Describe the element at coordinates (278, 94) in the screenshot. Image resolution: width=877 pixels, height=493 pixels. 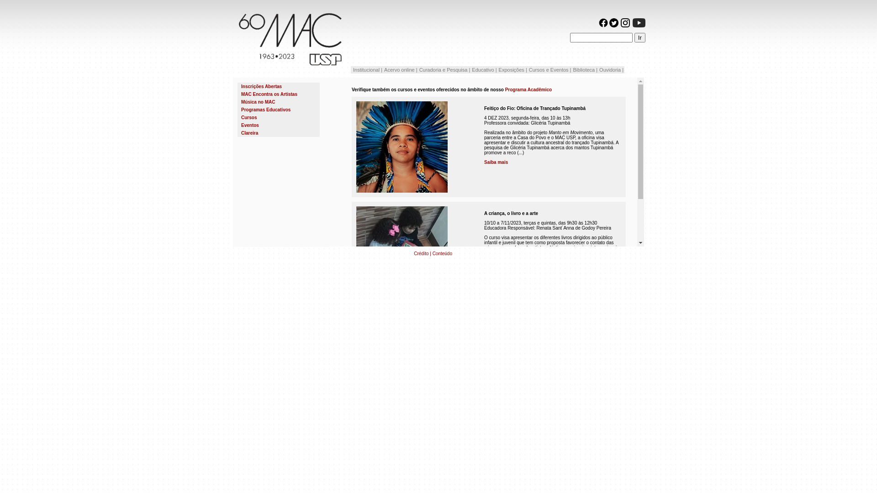
I see `'MAC Encontra os Artistas'` at that location.